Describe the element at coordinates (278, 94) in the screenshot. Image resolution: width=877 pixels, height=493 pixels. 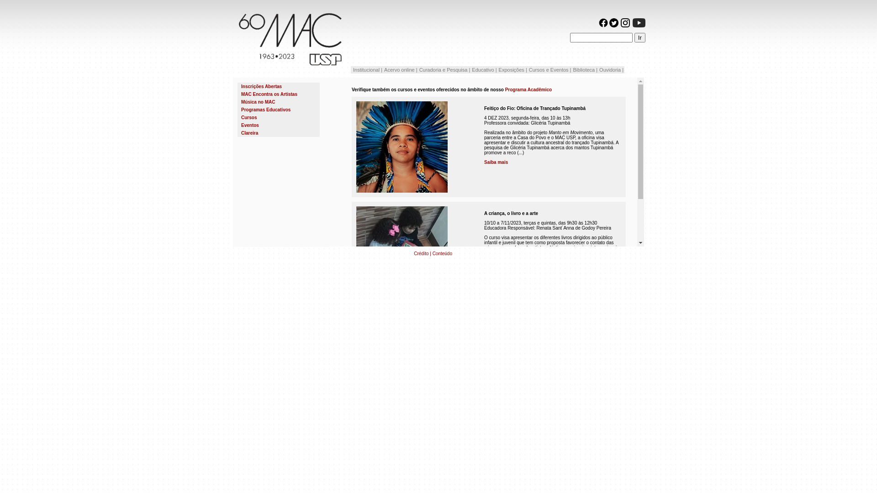
I see `'MAC Encontra os Artistas'` at that location.